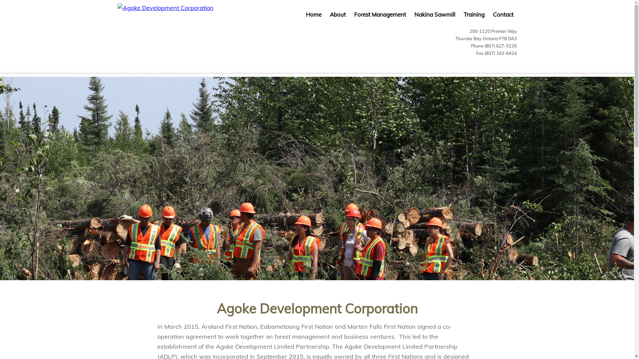 This screenshot has height=359, width=639. Describe the element at coordinates (473, 14) in the screenshot. I see `'Training'` at that location.